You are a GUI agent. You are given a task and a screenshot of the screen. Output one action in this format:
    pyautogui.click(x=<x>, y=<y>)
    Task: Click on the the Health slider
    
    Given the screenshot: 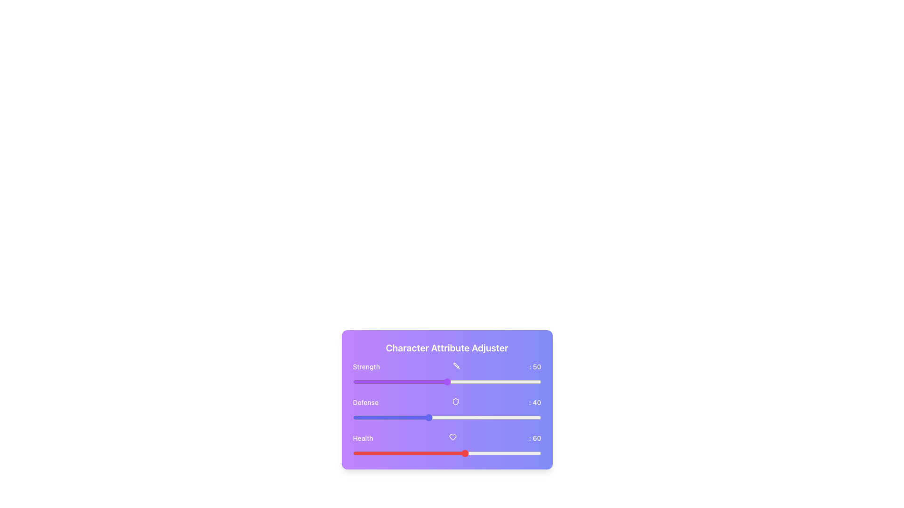 What is the action you would take?
    pyautogui.click(x=377, y=453)
    